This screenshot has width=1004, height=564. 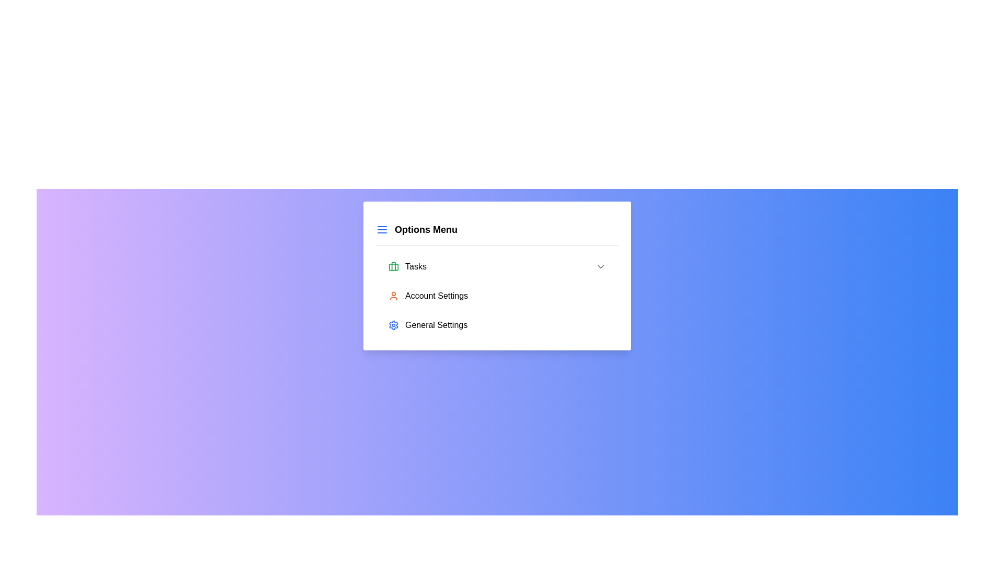 What do you see at coordinates (393, 265) in the screenshot?
I see `the vertical green line that is part of the briefcase icon preceding the 'Tasks' menu option` at bounding box center [393, 265].